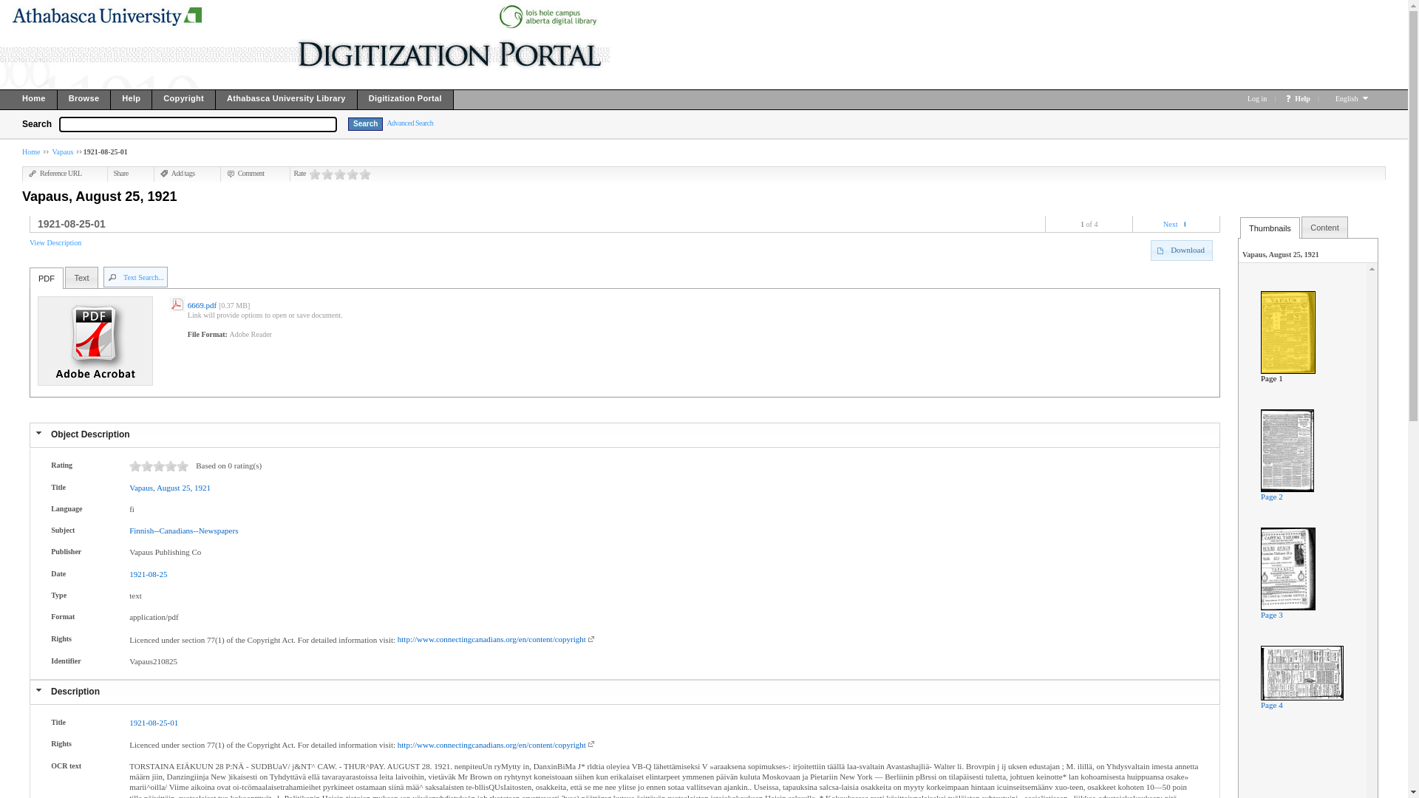  Describe the element at coordinates (148, 573) in the screenshot. I see `'1921-08-25'` at that location.